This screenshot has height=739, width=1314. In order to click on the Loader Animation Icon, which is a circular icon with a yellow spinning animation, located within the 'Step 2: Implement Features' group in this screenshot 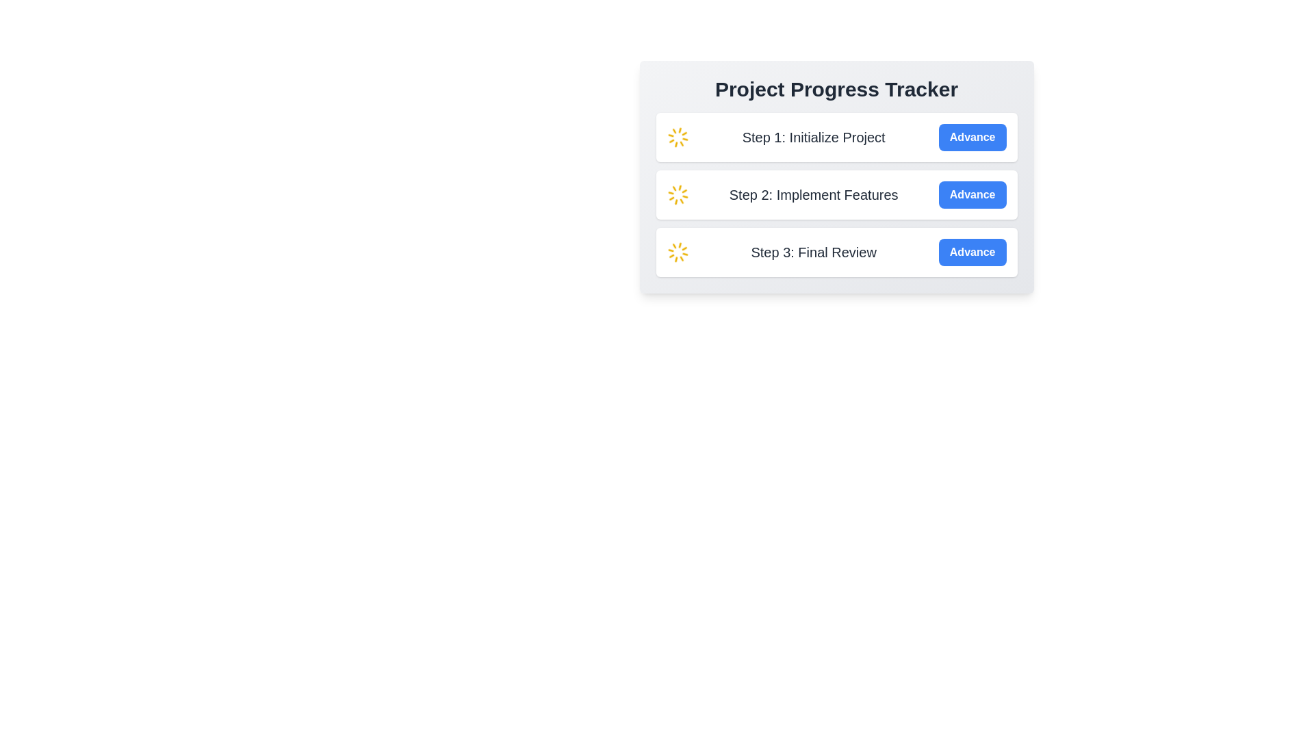, I will do `click(678, 195)`.